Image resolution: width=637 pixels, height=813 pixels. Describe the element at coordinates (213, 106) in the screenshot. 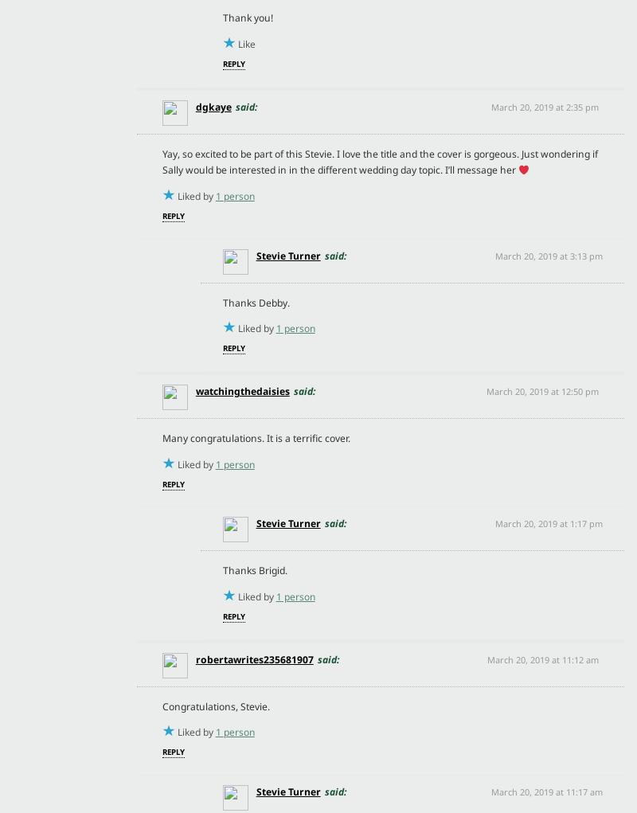

I see `'dgkaye'` at that location.